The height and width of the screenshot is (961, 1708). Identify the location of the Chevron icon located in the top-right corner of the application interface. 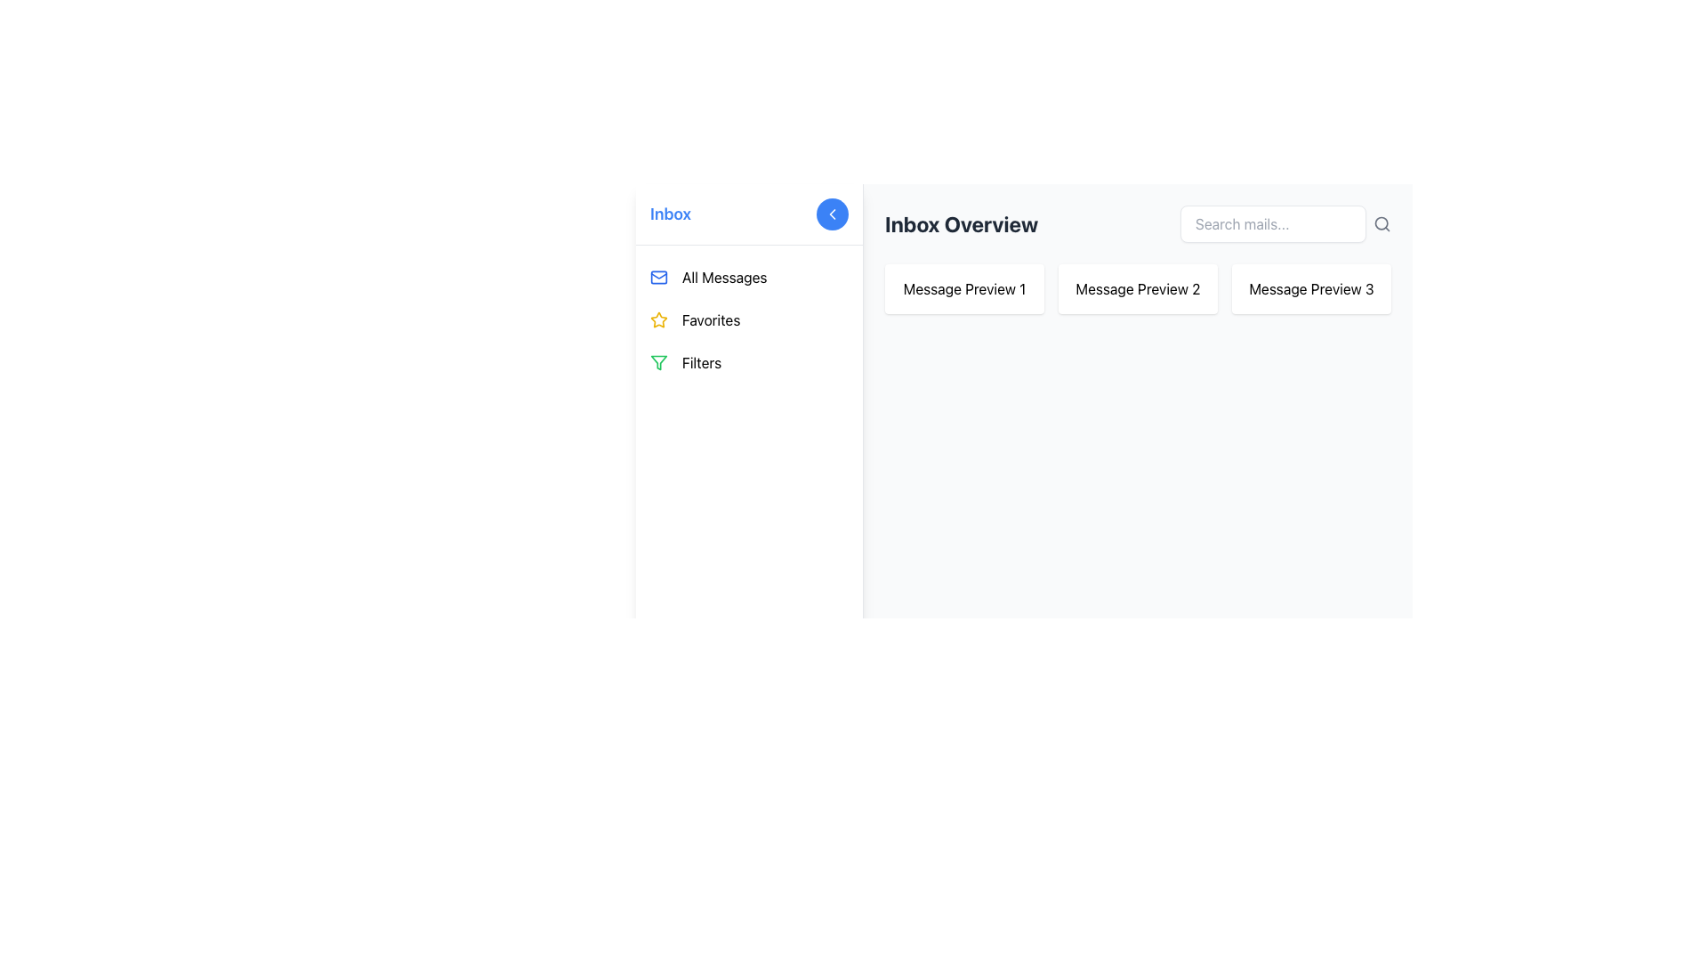
(832, 213).